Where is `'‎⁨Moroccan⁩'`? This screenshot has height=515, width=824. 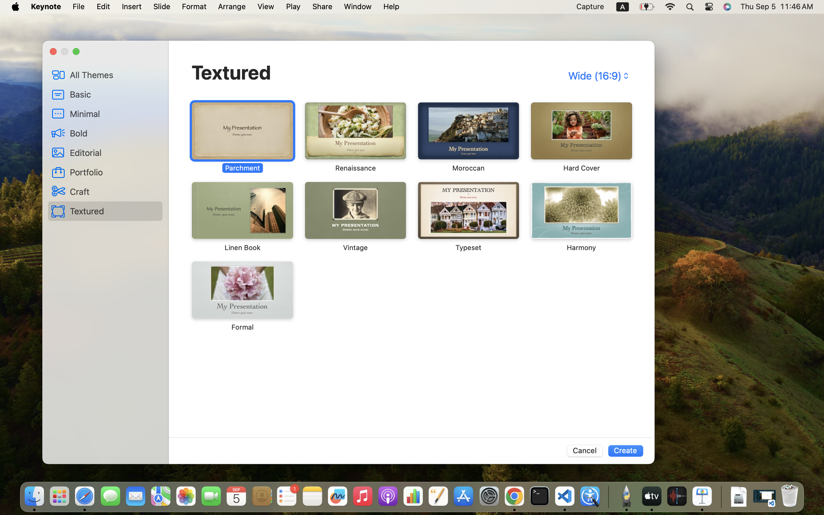 '‎⁨Moroccan⁩' is located at coordinates (468, 137).